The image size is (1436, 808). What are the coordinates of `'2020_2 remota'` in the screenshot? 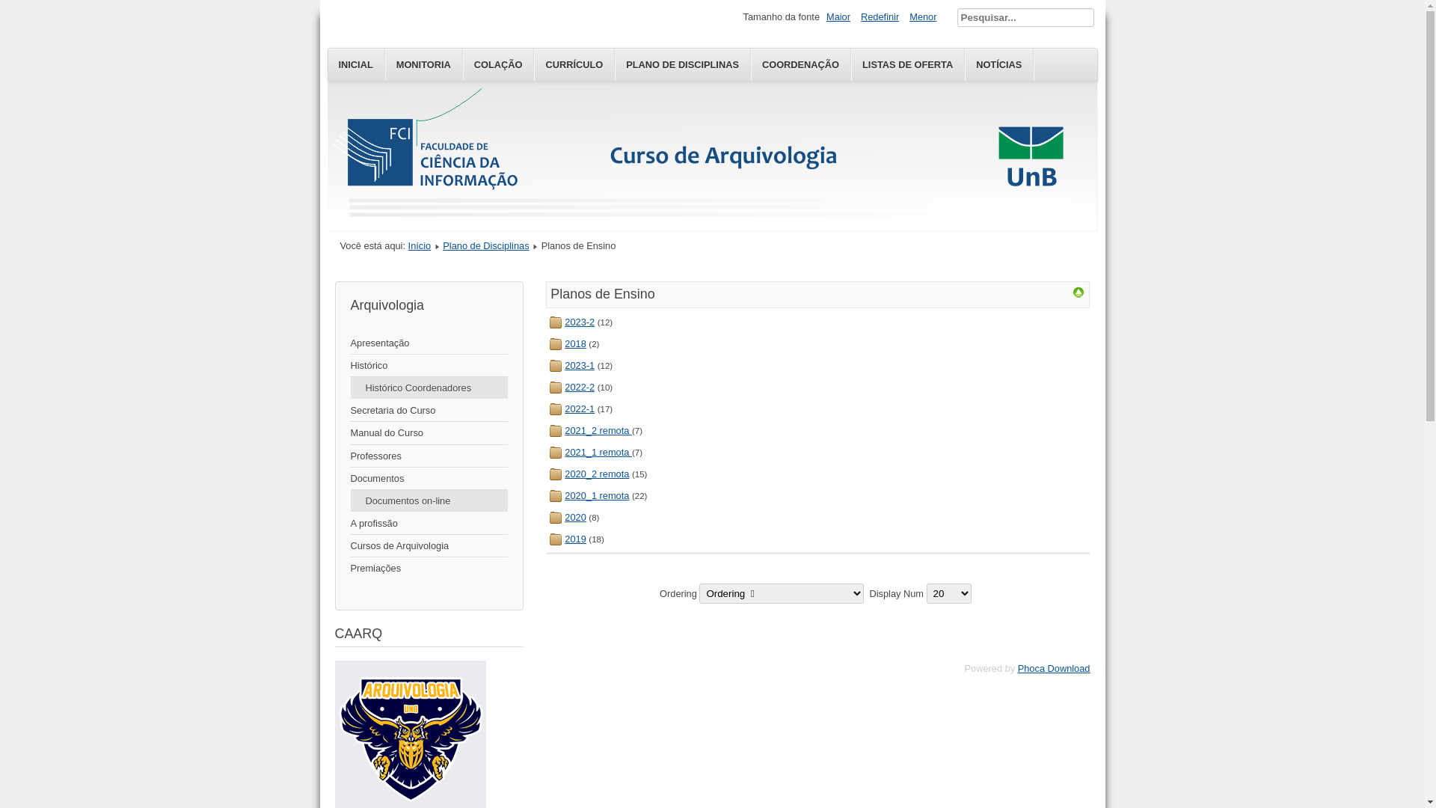 It's located at (595, 474).